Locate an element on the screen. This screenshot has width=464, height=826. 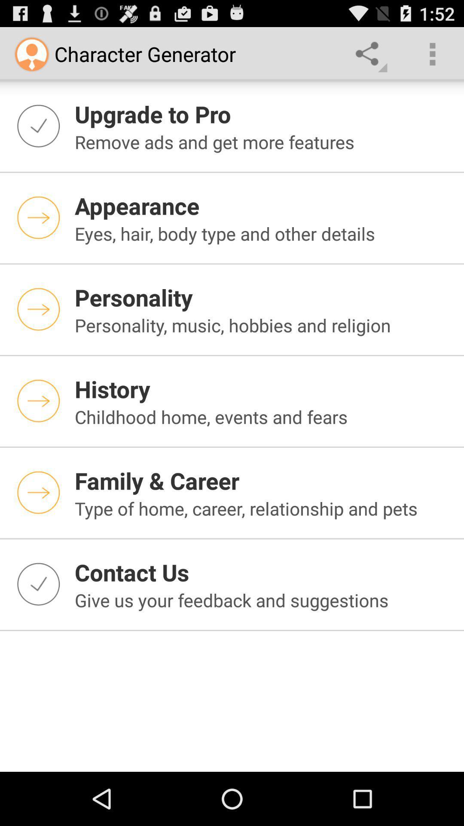
the history item is located at coordinates (263, 388).